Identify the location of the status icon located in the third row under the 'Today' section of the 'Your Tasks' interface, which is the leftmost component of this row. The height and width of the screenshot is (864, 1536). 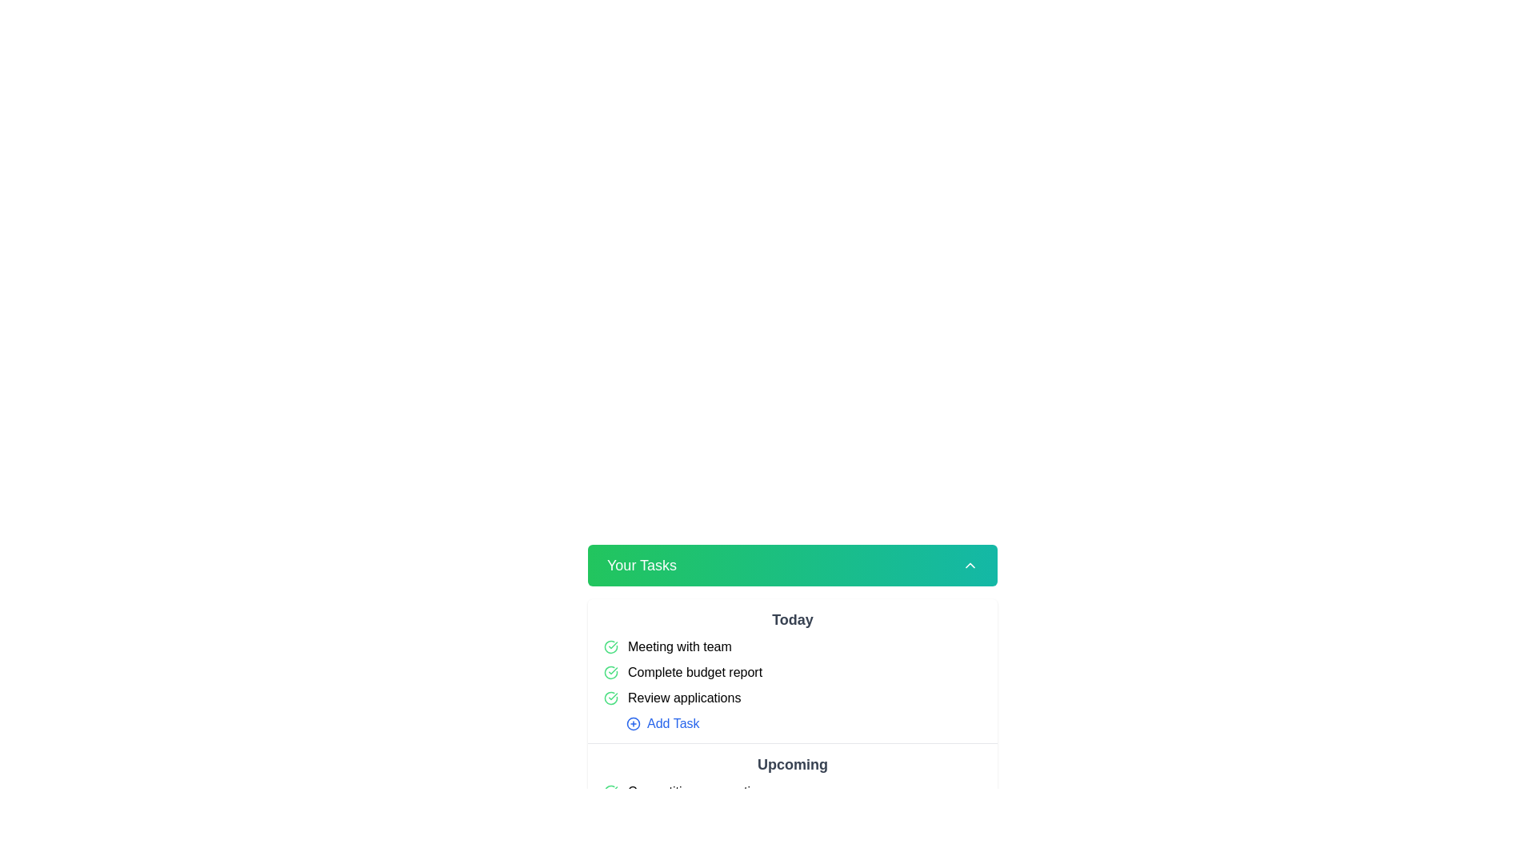
(610, 697).